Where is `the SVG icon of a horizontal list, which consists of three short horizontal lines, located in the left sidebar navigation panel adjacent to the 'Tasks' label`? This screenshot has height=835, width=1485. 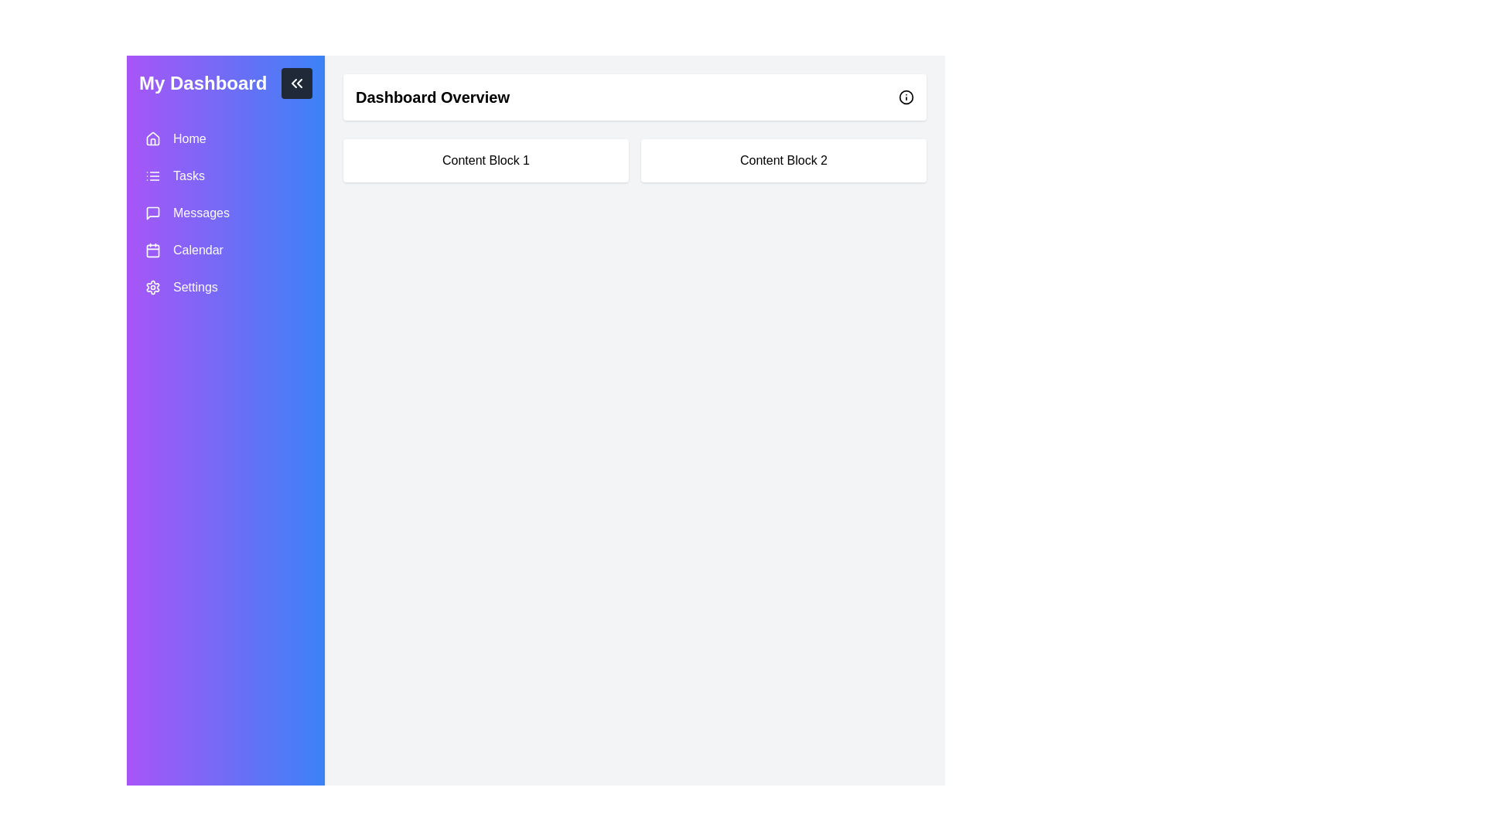 the SVG icon of a horizontal list, which consists of three short horizontal lines, located in the left sidebar navigation panel adjacent to the 'Tasks' label is located at coordinates (152, 175).